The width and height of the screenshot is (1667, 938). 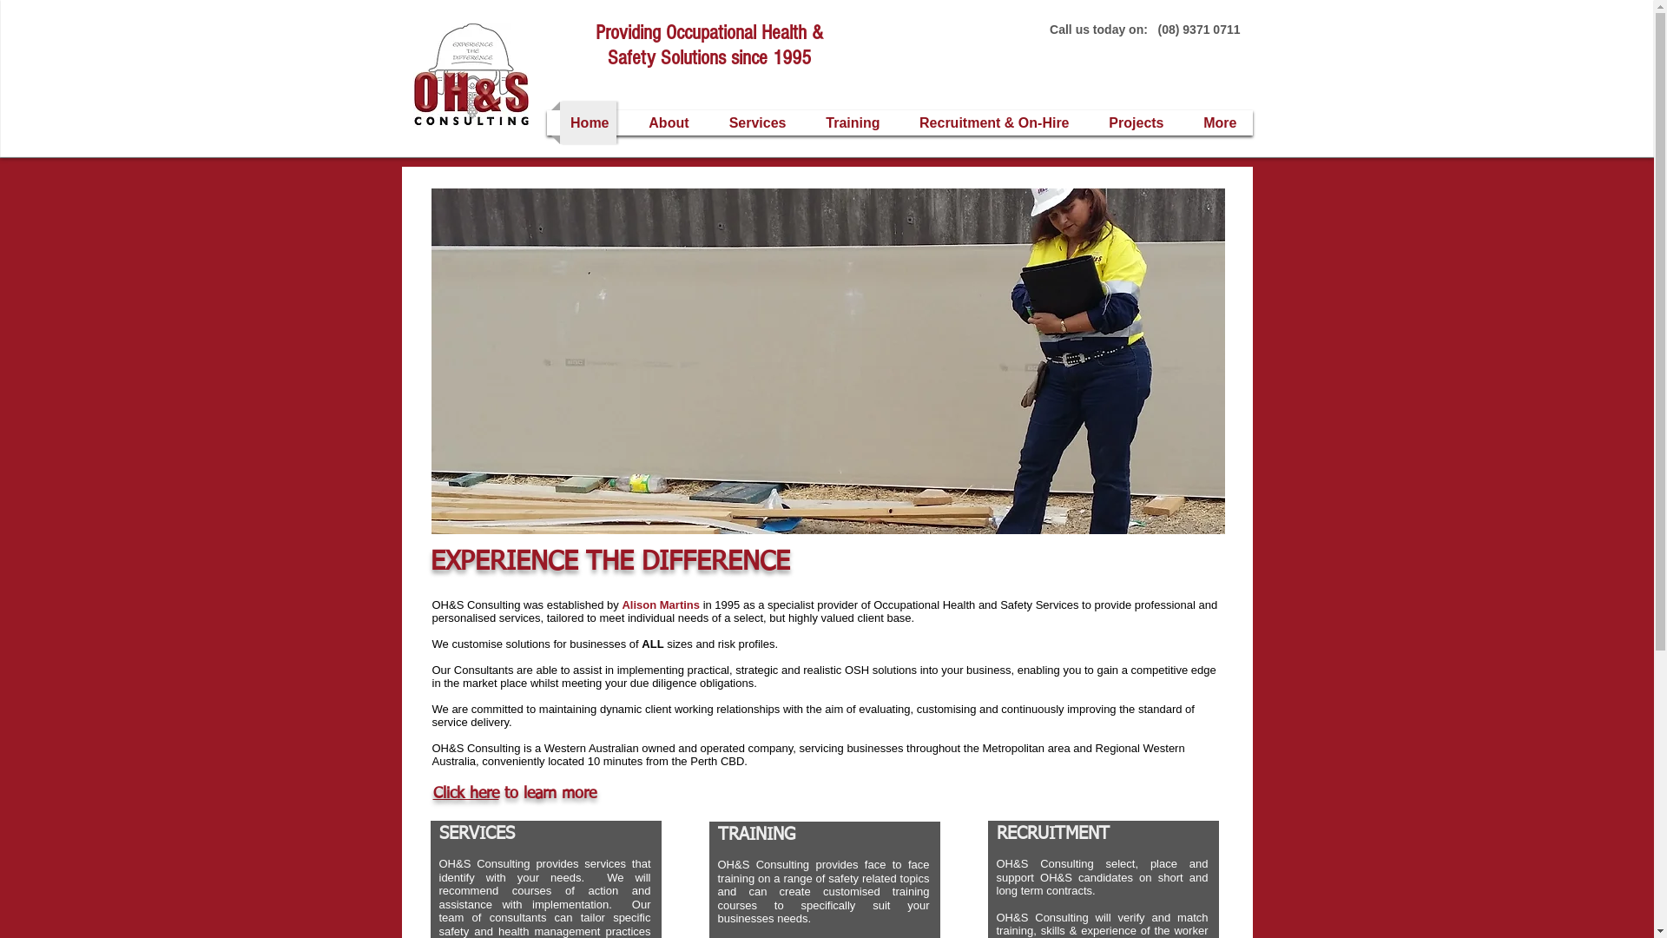 I want to click on 'Click here to learn more', so click(x=512, y=794).